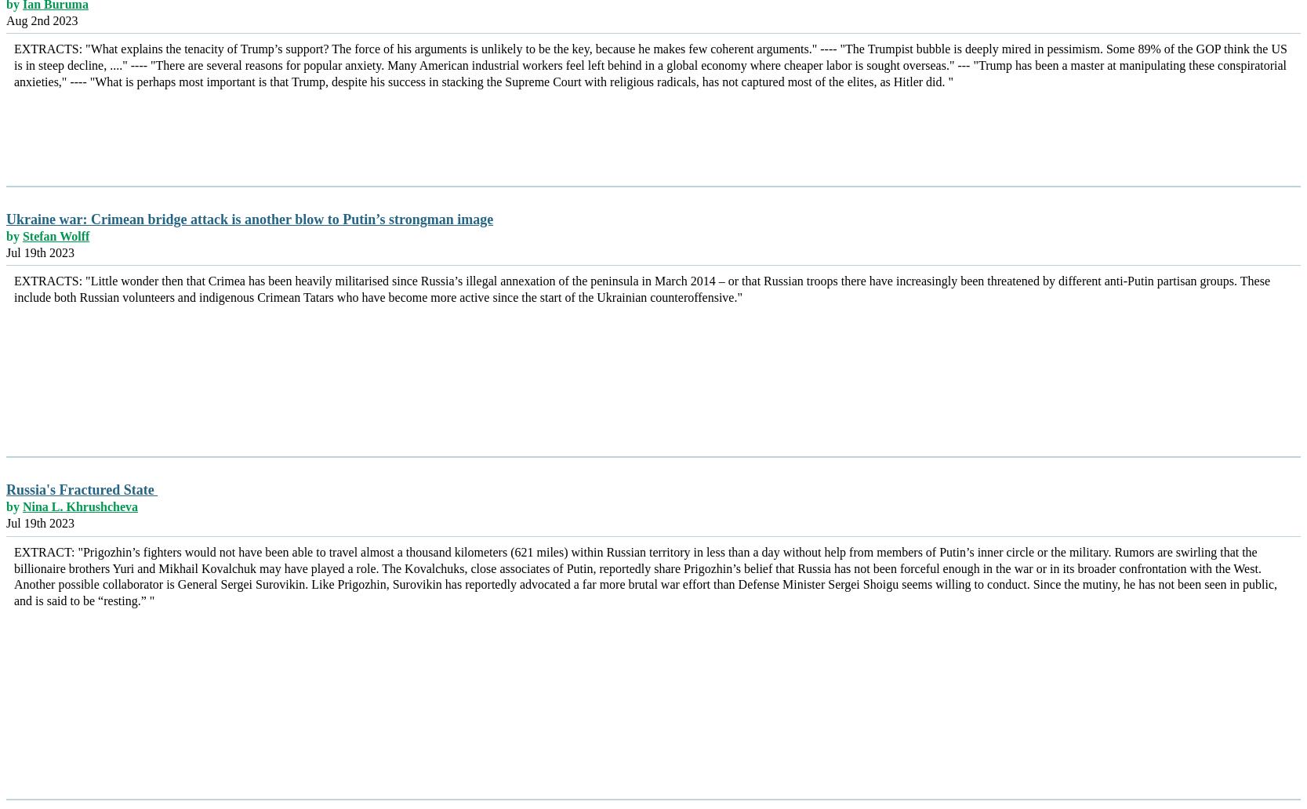  What do you see at coordinates (81, 489) in the screenshot?
I see `'Russia's Fractured State'` at bounding box center [81, 489].